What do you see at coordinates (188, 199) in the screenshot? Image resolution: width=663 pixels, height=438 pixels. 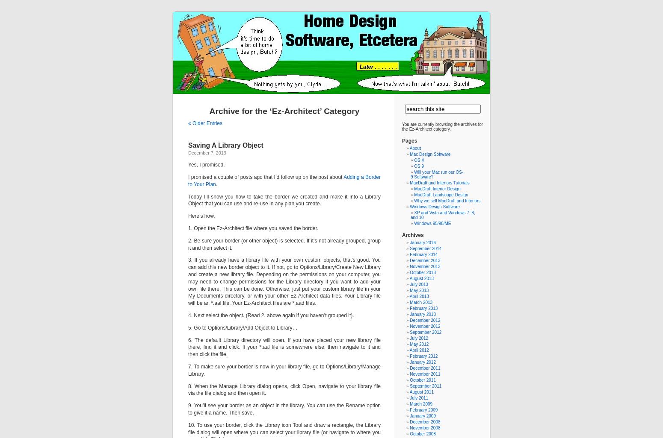 I see `'Today I’ll show you how to take the border we created and make it into a Library Object that you can use and re-use in any plan you create.'` at bounding box center [188, 199].